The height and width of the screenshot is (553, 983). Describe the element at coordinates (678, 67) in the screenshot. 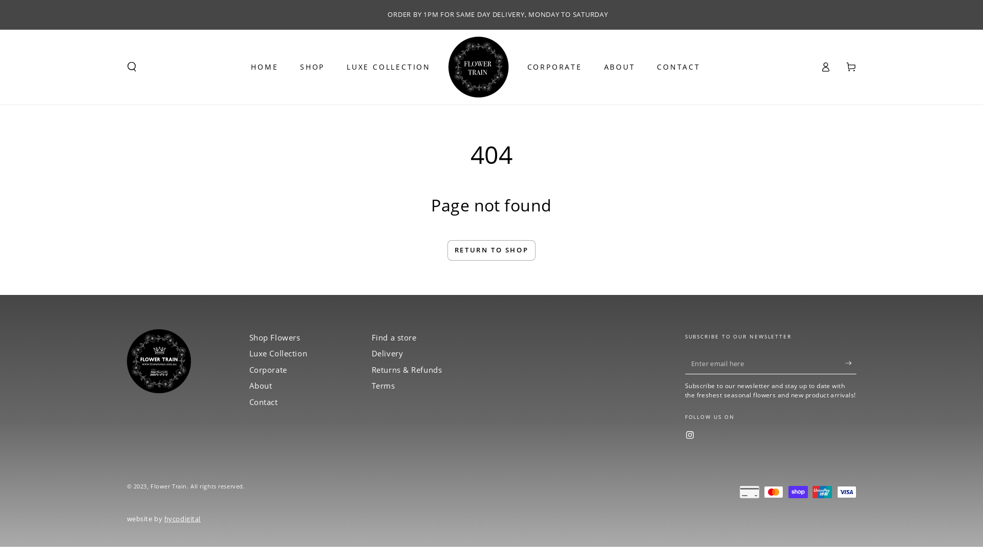

I see `'CONTACT'` at that location.